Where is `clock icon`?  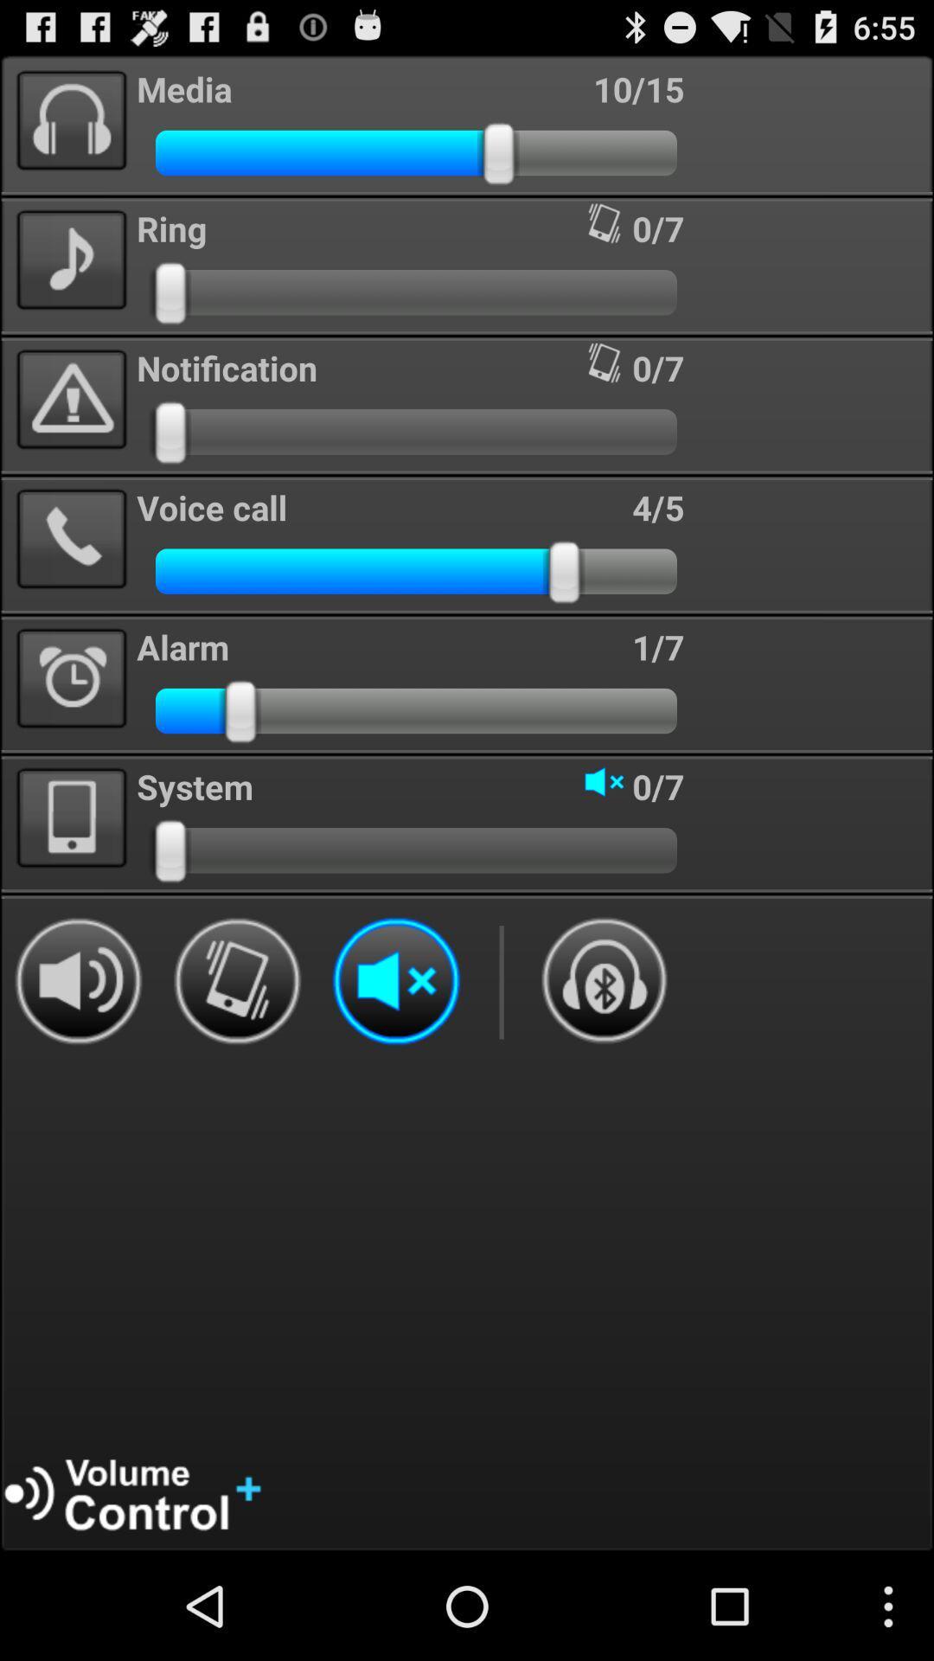
clock icon is located at coordinates (71, 678).